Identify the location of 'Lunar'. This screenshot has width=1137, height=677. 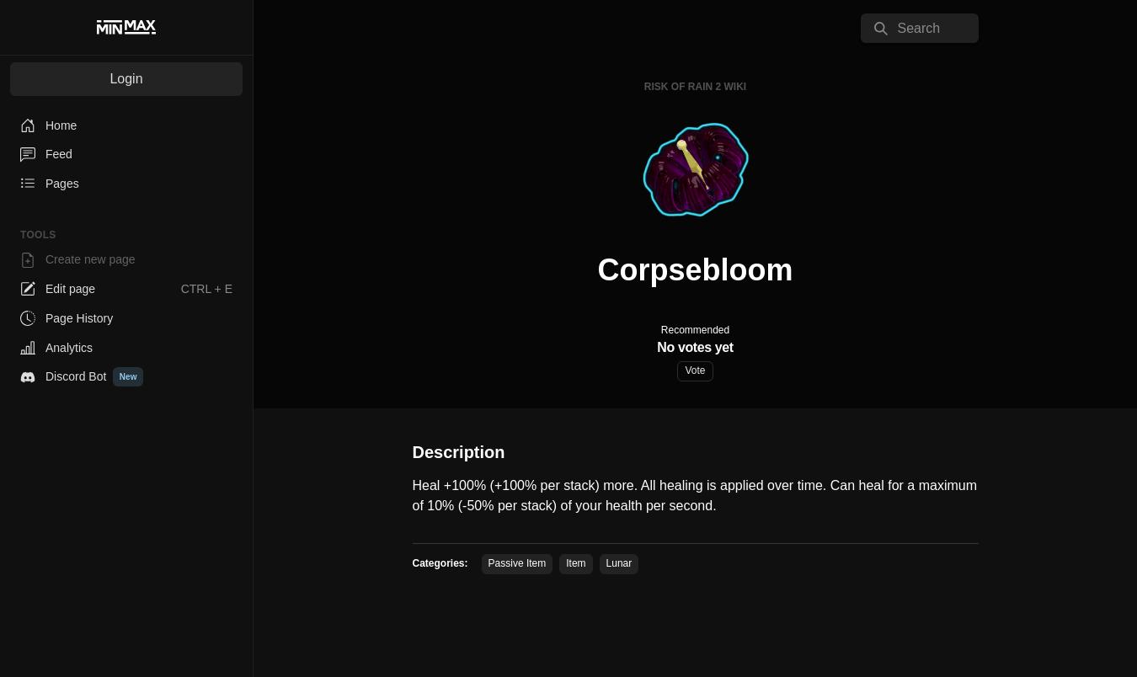
(617, 562).